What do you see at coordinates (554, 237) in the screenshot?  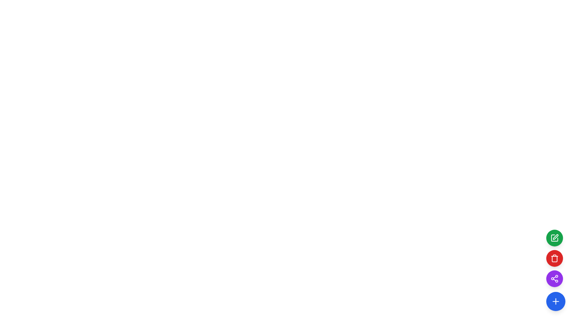 I see `the edit icon within the green circular button` at bounding box center [554, 237].